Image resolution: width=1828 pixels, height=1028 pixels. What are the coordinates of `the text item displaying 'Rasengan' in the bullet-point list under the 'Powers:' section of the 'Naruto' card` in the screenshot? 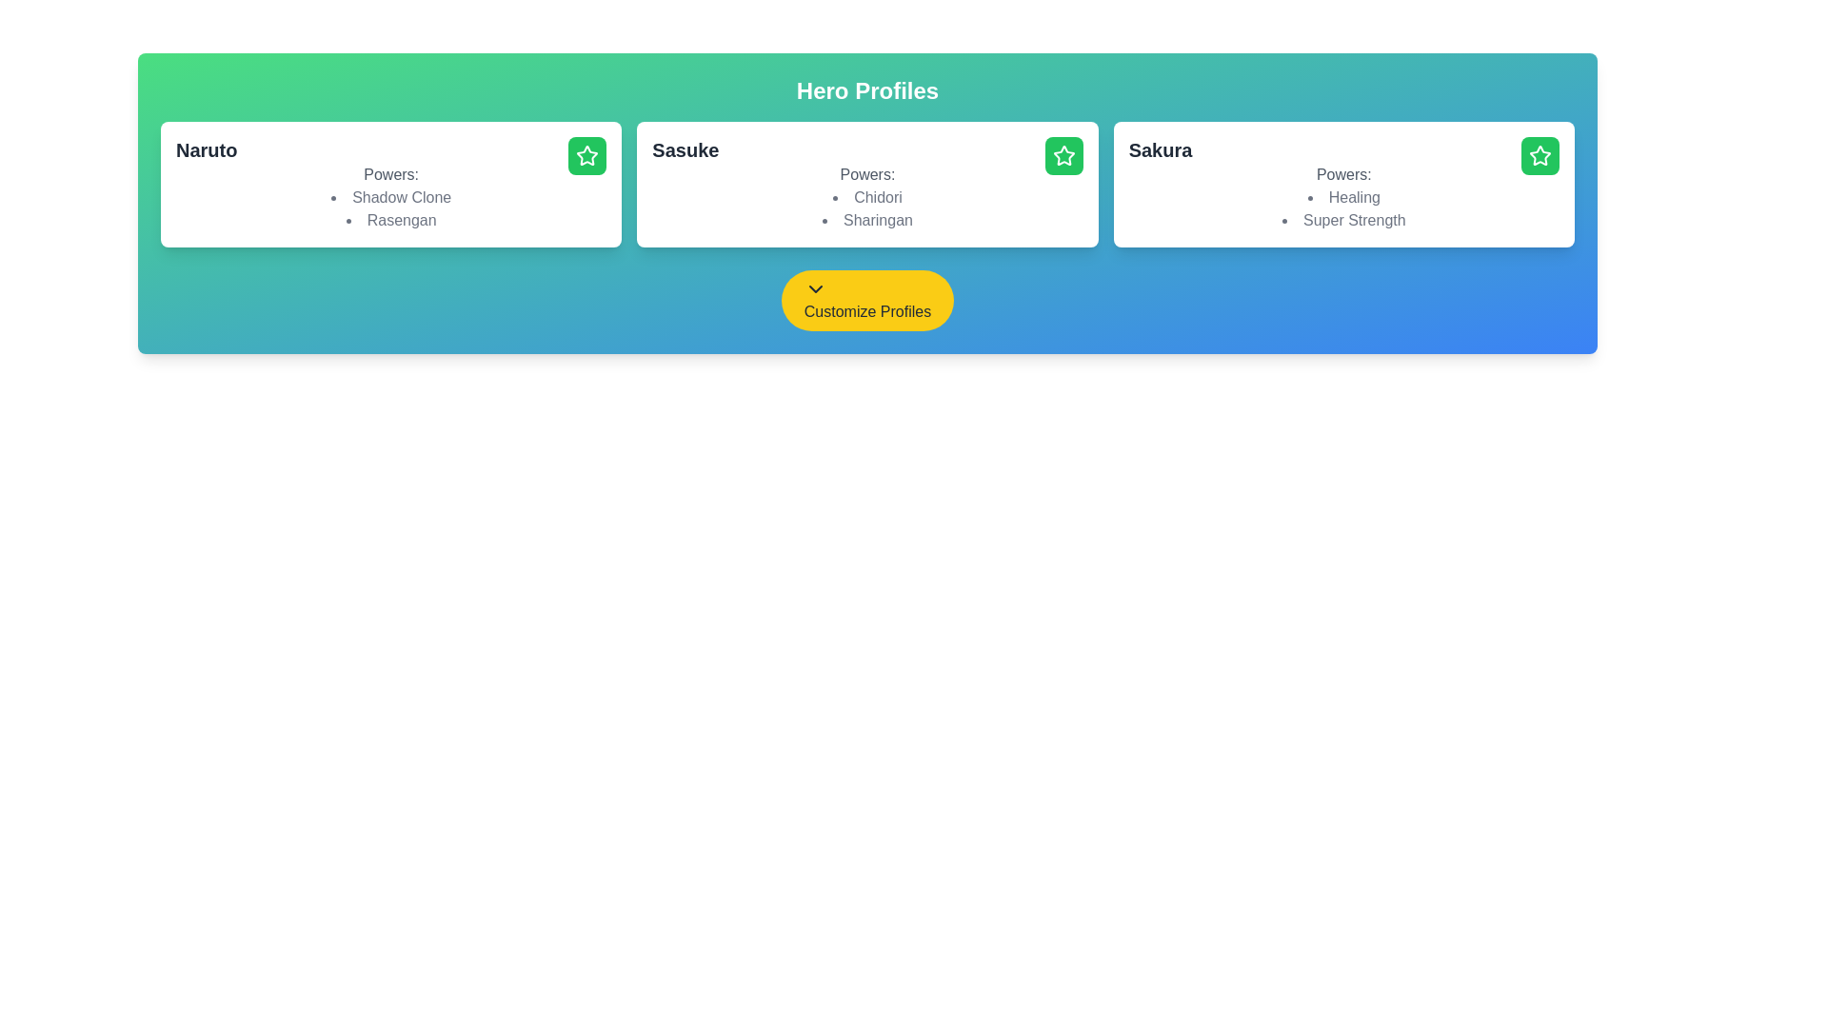 It's located at (390, 219).